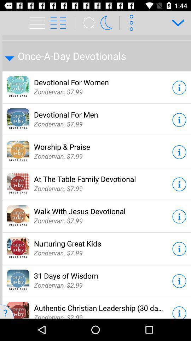 The image size is (191, 341). I want to click on the weather icon, so click(87, 23).